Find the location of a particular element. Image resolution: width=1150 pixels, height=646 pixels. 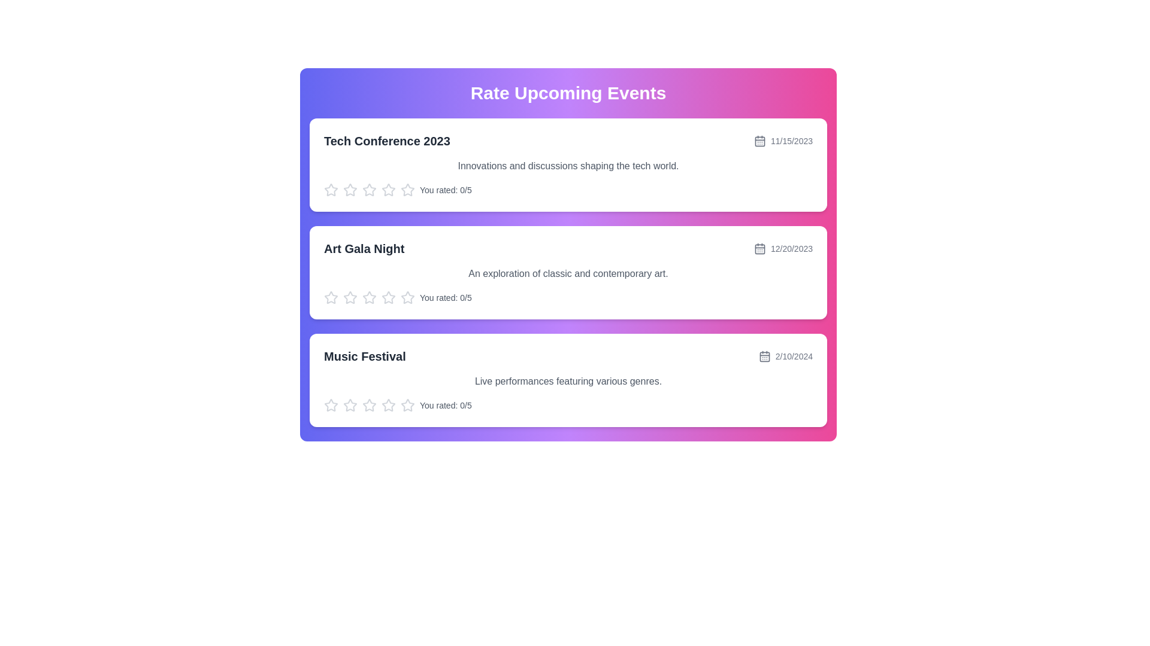

the first star in the five-star rating system located in the 'Art Gala Night' section is located at coordinates (331, 297).